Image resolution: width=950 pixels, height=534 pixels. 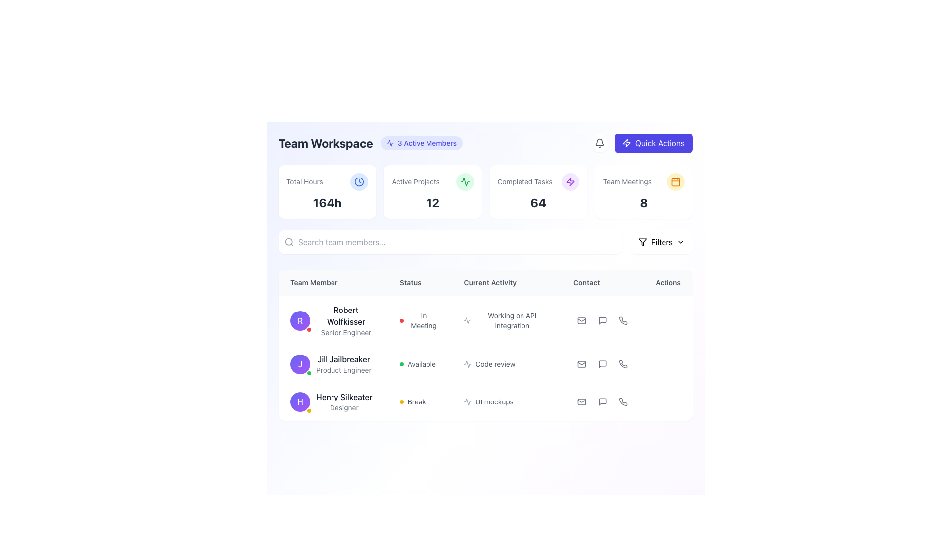 I want to click on the 'Completed Tasks' text label, which is styled in a small gray font and positioned in the statistics section of the interface, so click(x=524, y=181).